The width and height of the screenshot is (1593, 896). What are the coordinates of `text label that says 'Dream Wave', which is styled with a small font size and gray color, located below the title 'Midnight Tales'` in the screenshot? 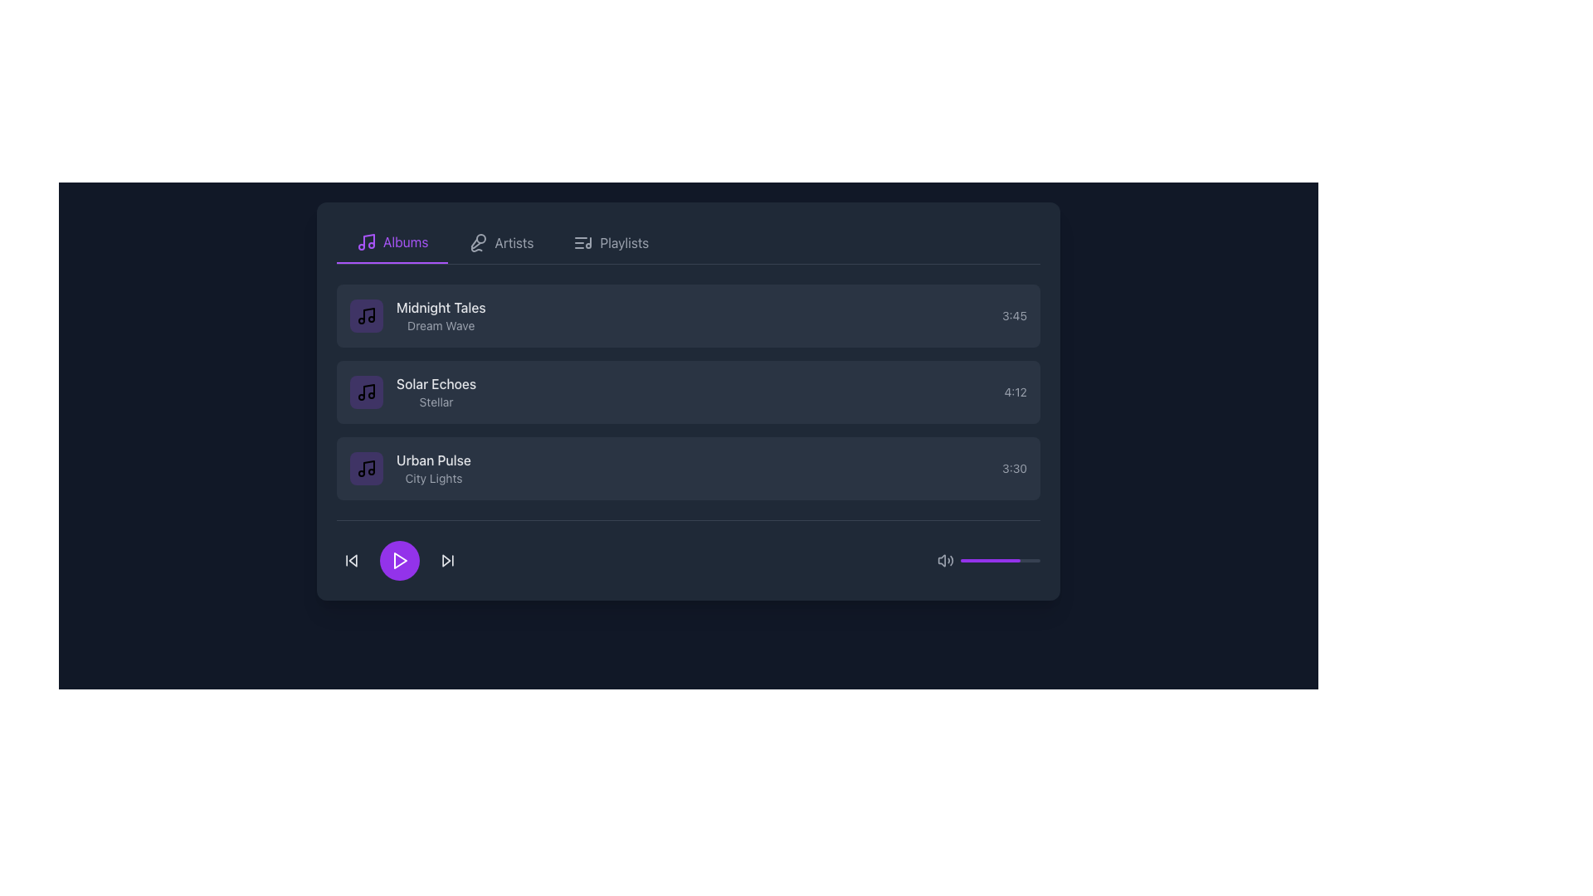 It's located at (441, 326).